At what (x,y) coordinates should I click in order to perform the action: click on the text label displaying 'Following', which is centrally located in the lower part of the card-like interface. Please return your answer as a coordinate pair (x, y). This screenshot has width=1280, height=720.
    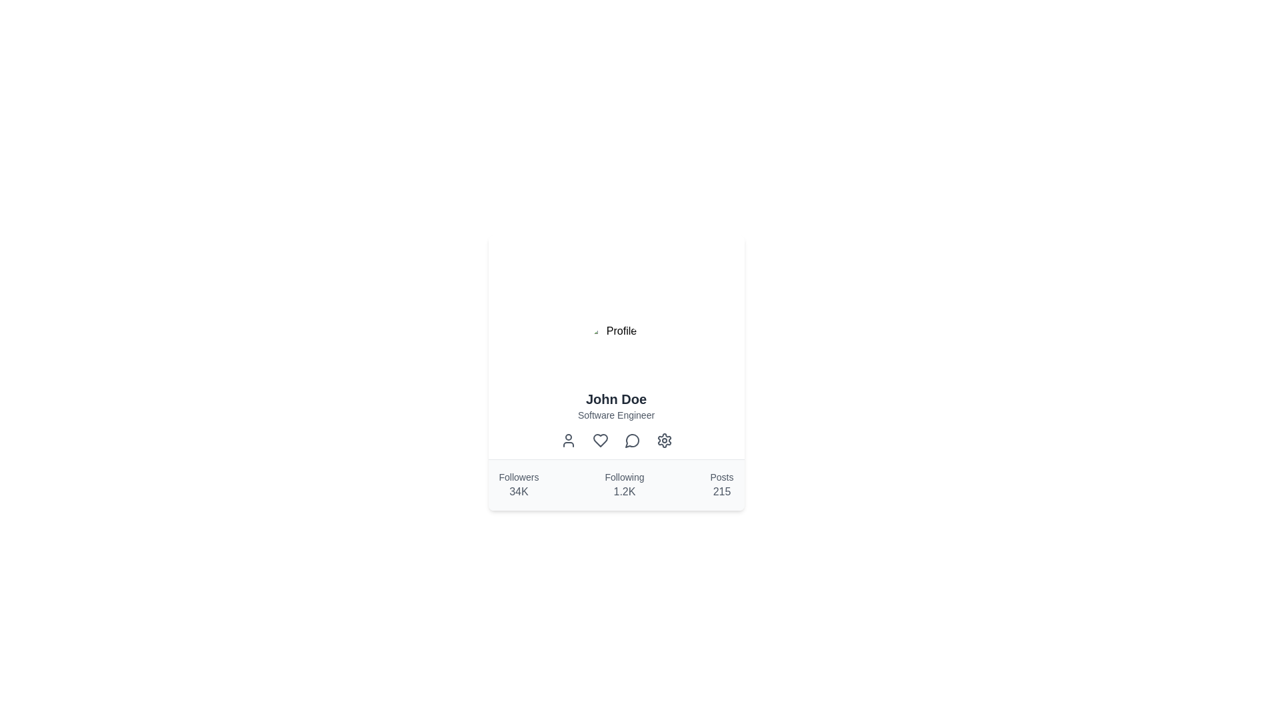
    Looking at the image, I should click on (623, 477).